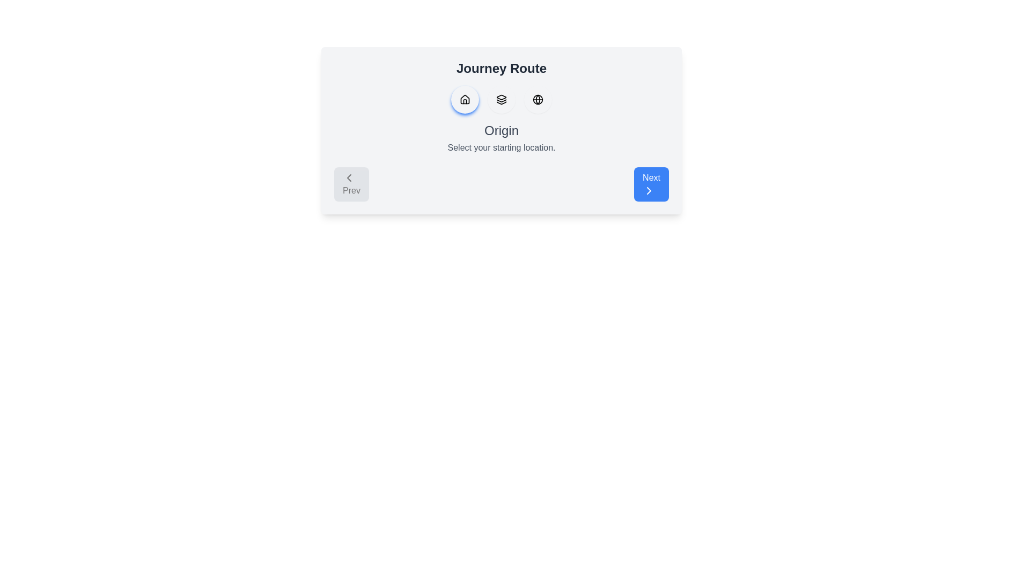 Image resolution: width=1030 pixels, height=579 pixels. I want to click on text from the text block titled 'Origin' which contains the subtitle 'Select your starting location.' This block is situated below the icons and above the 'Prev' and 'Next' buttons, so click(501, 138).